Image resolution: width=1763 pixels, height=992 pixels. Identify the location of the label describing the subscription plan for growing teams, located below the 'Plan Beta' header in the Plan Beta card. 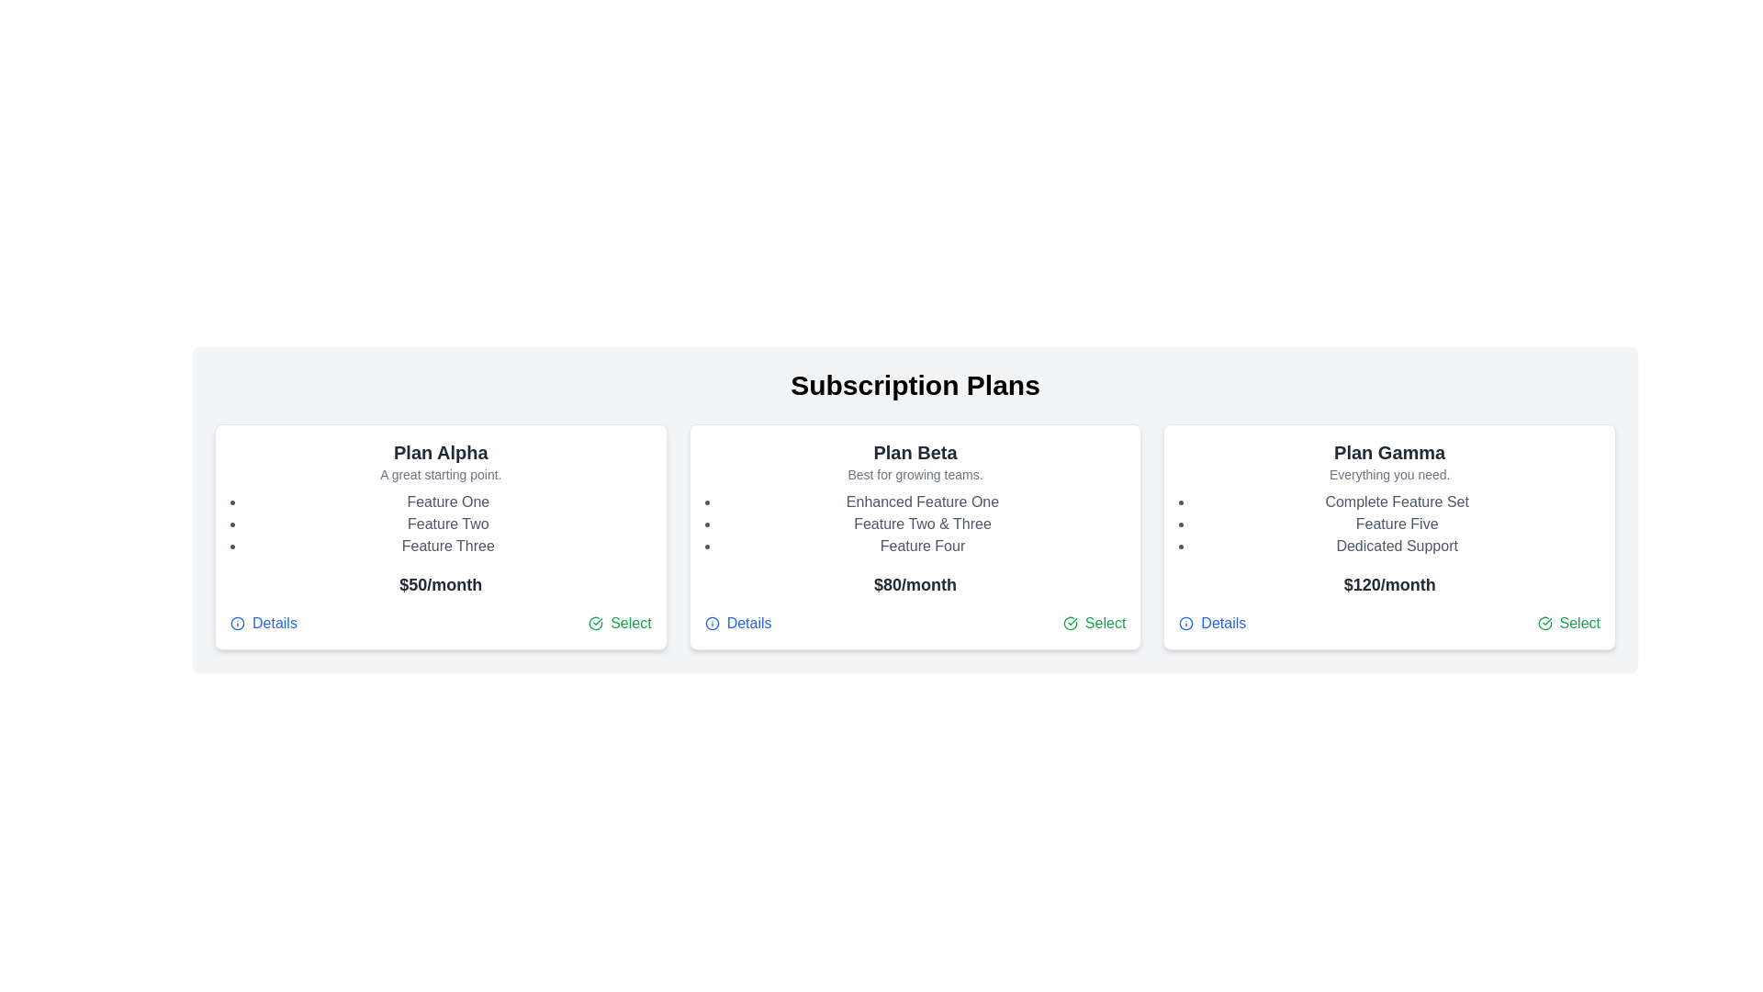
(915, 473).